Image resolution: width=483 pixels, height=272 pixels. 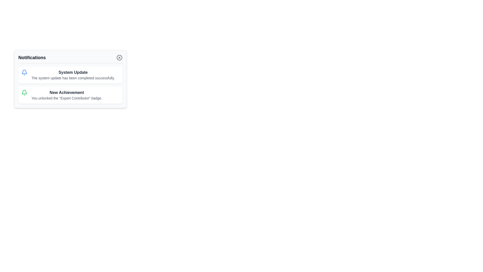 What do you see at coordinates (73, 75) in the screenshot?
I see `the Text display block that indicates the successful completion of a system update, located in the notification card below the blue notification icon` at bounding box center [73, 75].